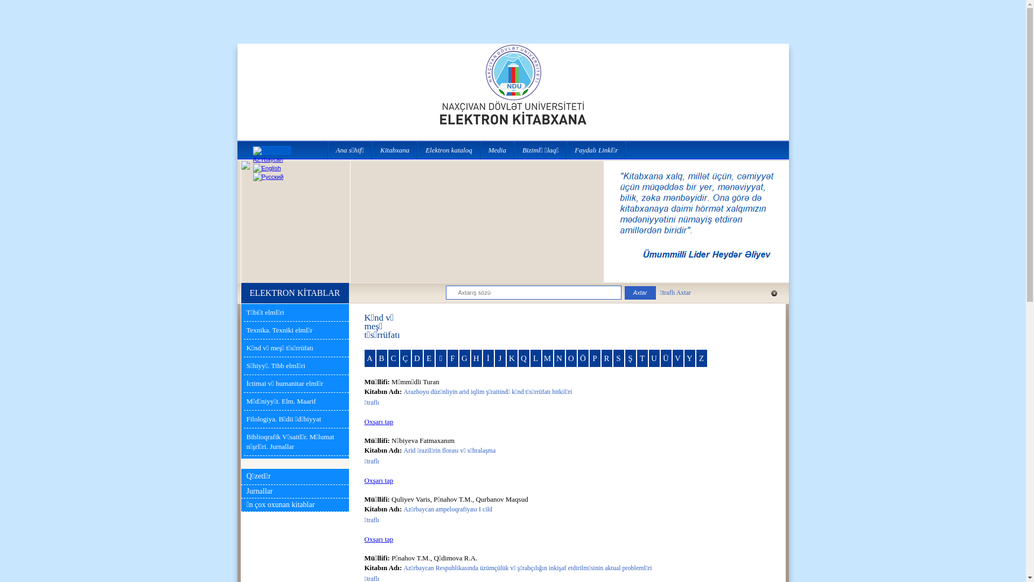  I want to click on 'B', so click(381, 358).